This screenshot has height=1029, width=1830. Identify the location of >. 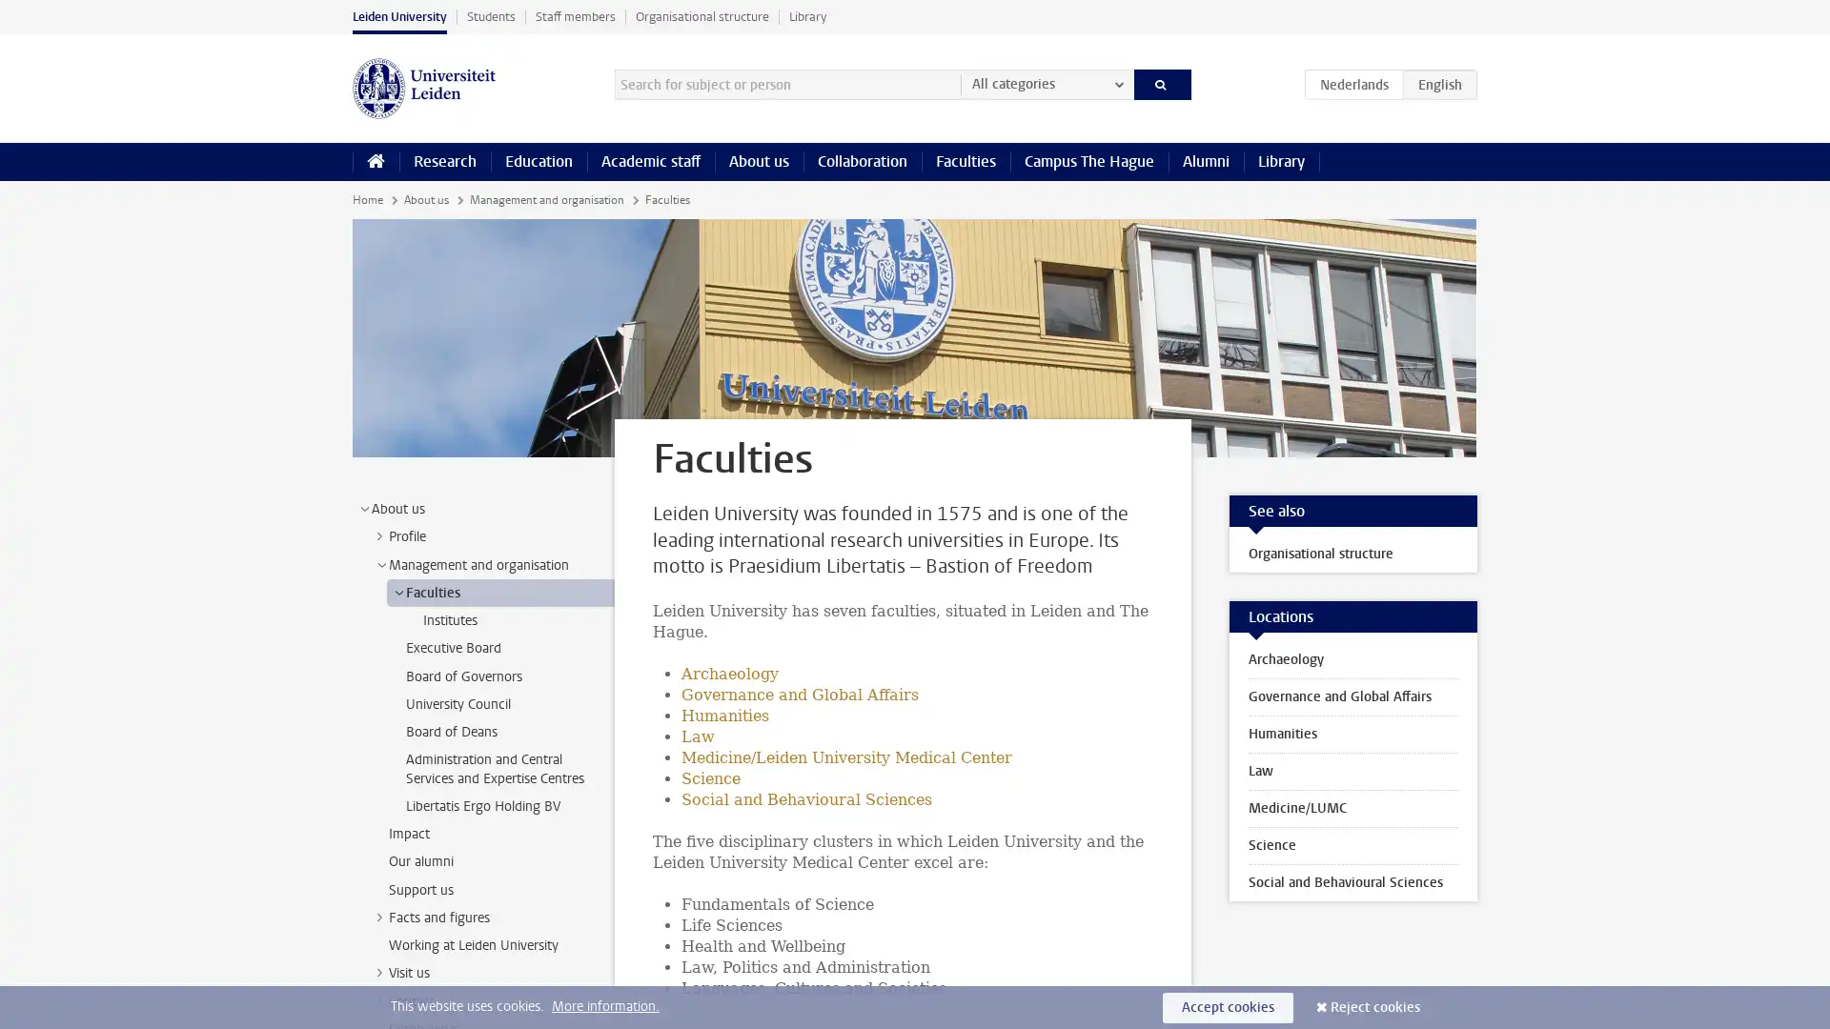
(379, 973).